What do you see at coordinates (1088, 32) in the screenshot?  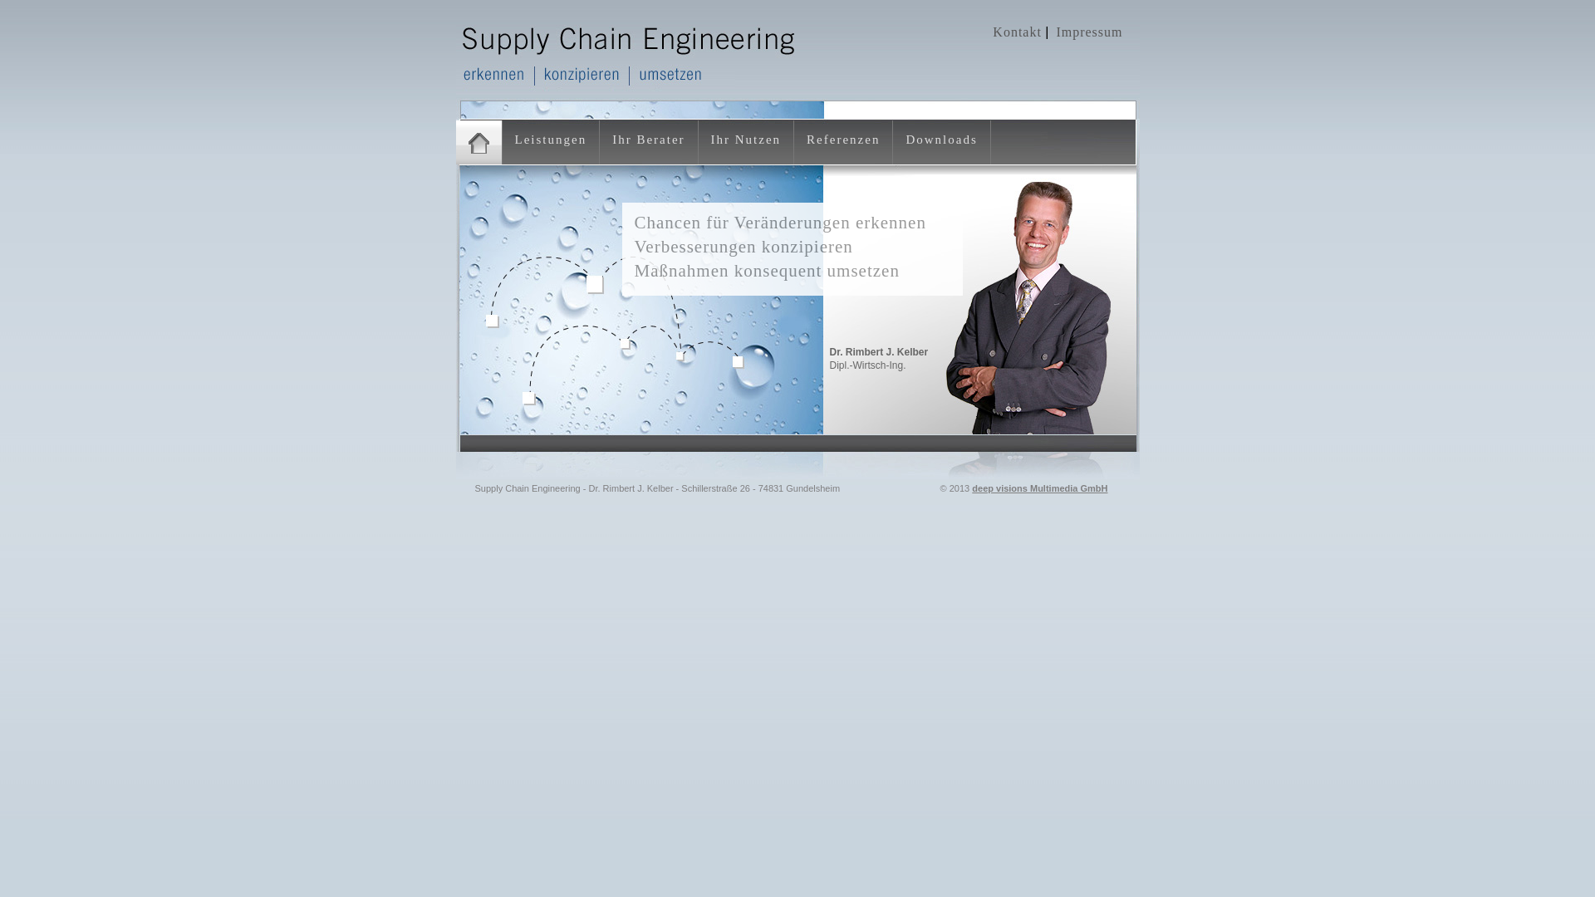 I see `'Impressum'` at bounding box center [1088, 32].